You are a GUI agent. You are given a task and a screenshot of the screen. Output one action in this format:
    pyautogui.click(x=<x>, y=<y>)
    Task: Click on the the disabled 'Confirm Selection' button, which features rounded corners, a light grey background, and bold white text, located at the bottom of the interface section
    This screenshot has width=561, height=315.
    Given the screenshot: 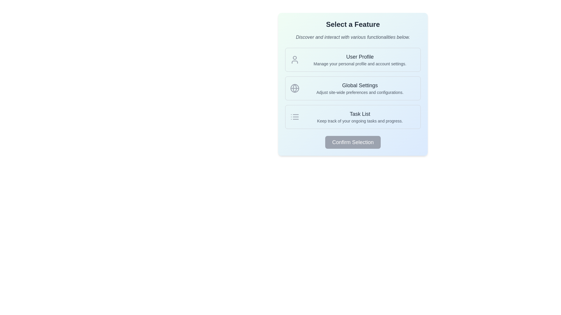 What is the action you would take?
    pyautogui.click(x=353, y=142)
    